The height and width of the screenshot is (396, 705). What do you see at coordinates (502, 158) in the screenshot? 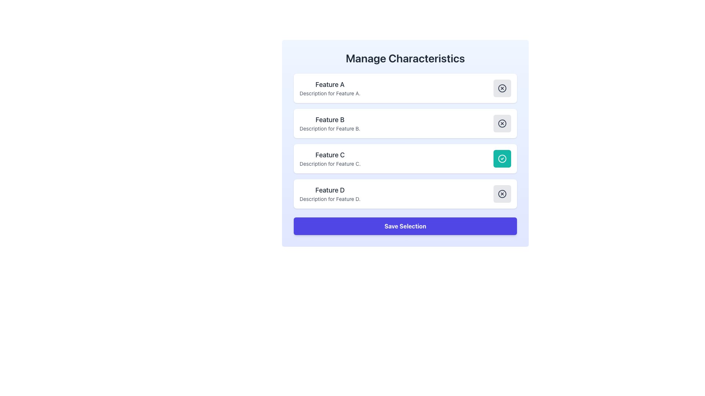
I see `the confirmation icon for 'Feature C', which is located on the rightmost side of the third list item in the interface` at bounding box center [502, 158].